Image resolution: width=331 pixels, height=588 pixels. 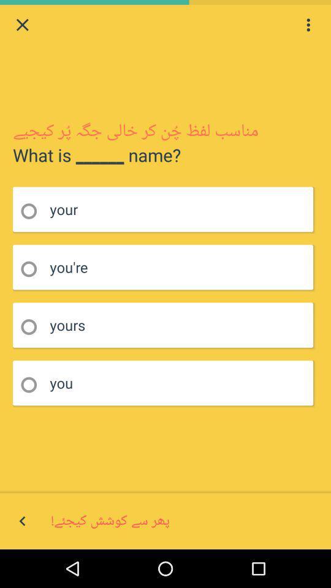 What do you see at coordinates (32, 269) in the screenshot?
I see `the option` at bounding box center [32, 269].